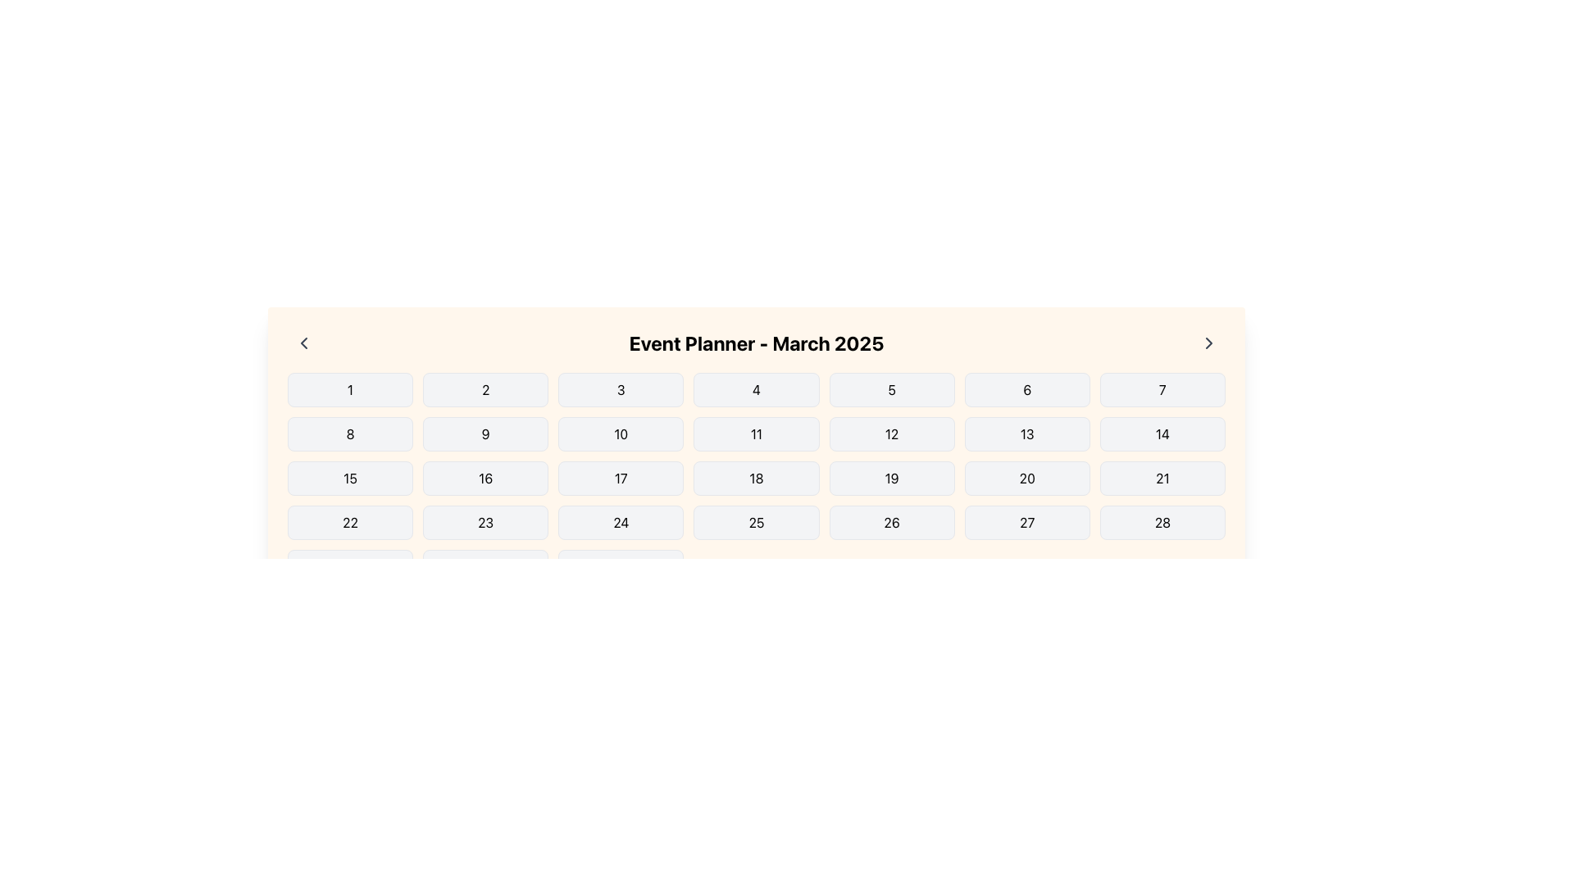 The width and height of the screenshot is (1574, 885). What do you see at coordinates (1026, 522) in the screenshot?
I see `the rectangular button displaying the numeral '27' in bold black font, located in the bottom row, 6th column of the calendar grid` at bounding box center [1026, 522].